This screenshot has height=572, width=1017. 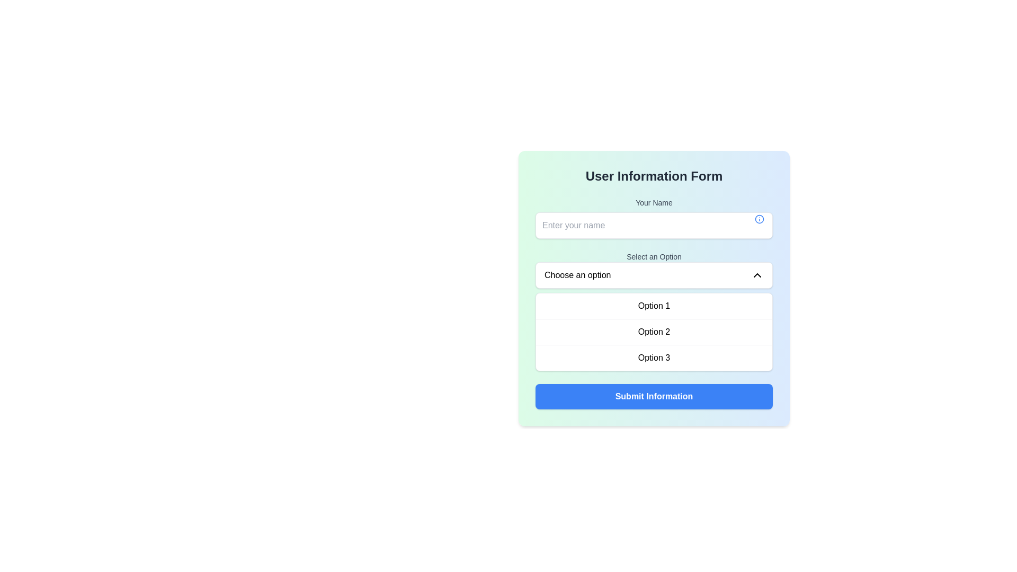 What do you see at coordinates (653, 358) in the screenshot?
I see `the text label 'Option 3' within the selectable list in the dropdown menu, which is the third item below 'Option 2'` at bounding box center [653, 358].